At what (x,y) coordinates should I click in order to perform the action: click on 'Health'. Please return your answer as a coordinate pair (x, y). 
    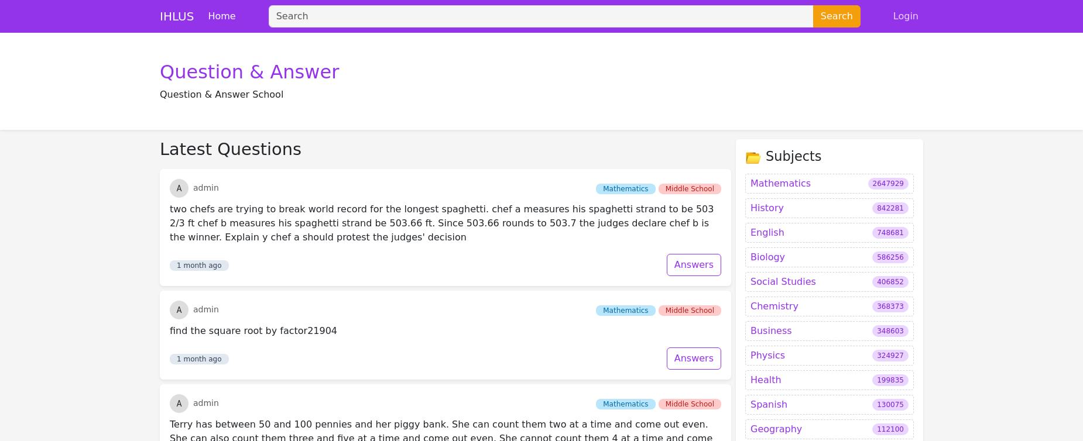
    Looking at the image, I should click on (750, 256).